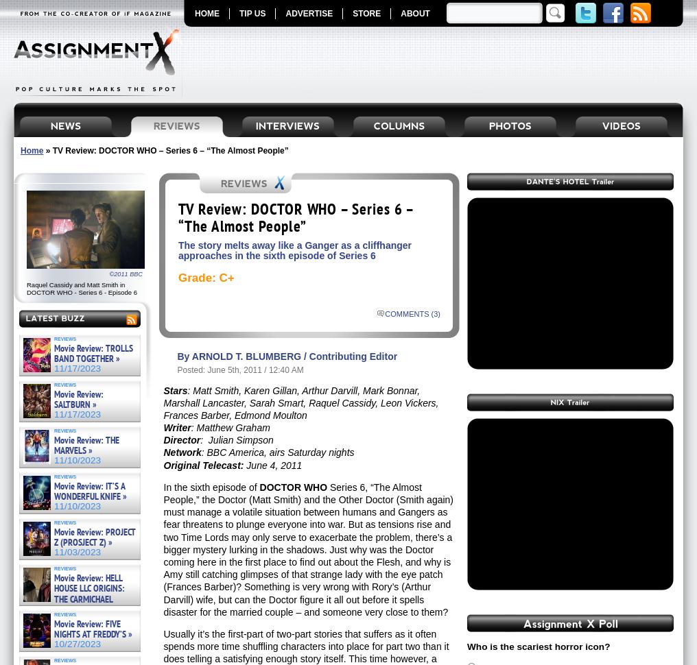 Image resolution: width=697 pixels, height=665 pixels. What do you see at coordinates (176, 428) in the screenshot?
I see `'Writer'` at bounding box center [176, 428].